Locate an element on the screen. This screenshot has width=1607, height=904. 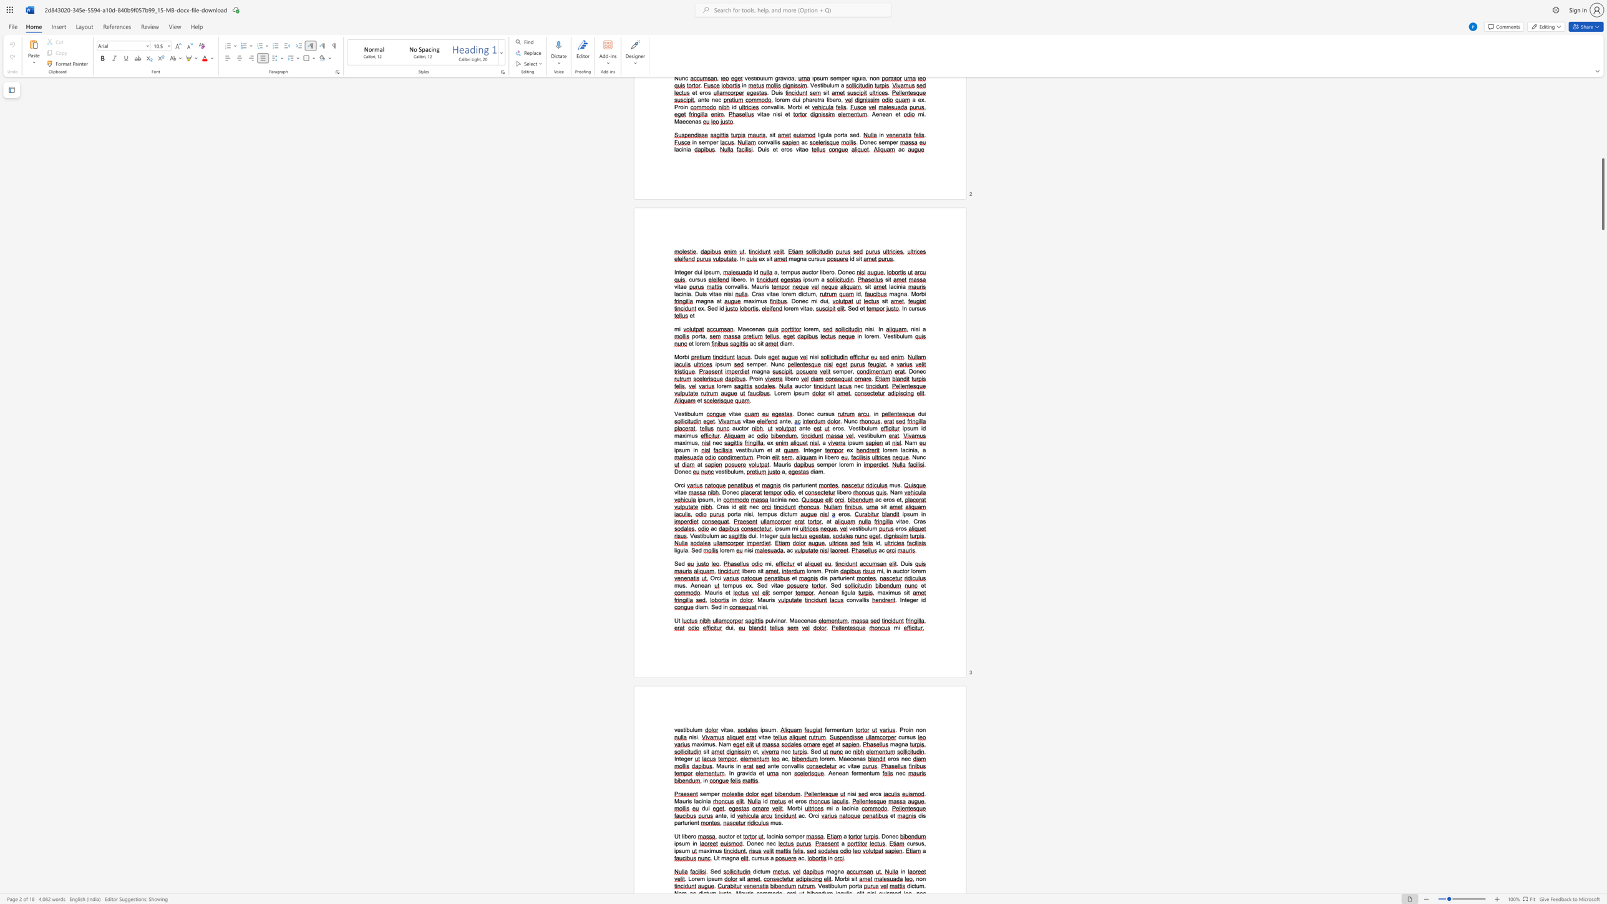
the space between the continuous character "v" and "i" in the text is located at coordinates (772, 585).